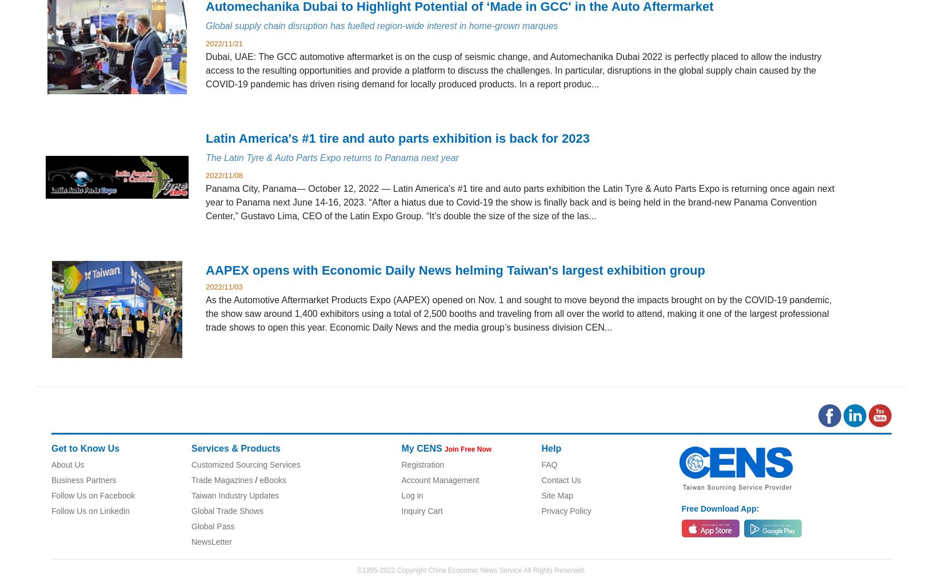  What do you see at coordinates (235, 494) in the screenshot?
I see `'Taiwan Industry Updates'` at bounding box center [235, 494].